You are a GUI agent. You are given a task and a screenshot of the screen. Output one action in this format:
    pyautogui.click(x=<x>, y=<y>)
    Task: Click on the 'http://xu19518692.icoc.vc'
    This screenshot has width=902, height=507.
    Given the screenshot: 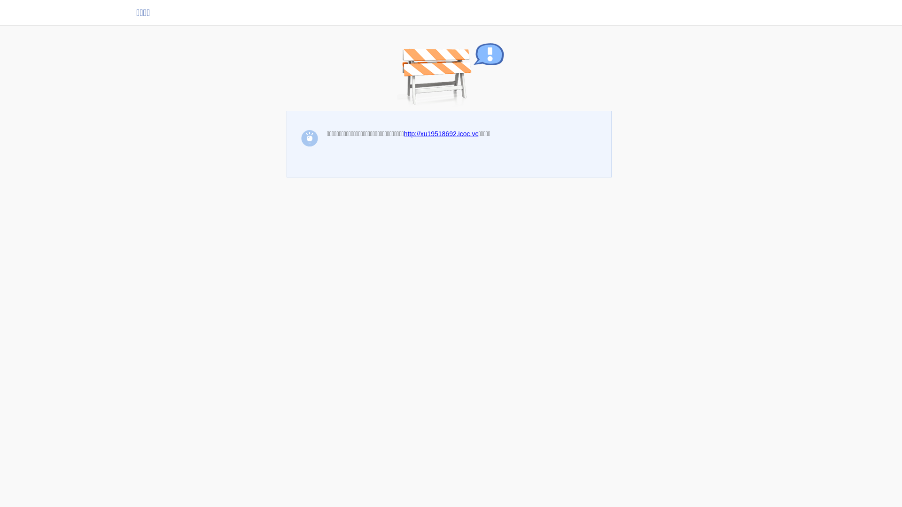 What is the action you would take?
    pyautogui.click(x=441, y=134)
    